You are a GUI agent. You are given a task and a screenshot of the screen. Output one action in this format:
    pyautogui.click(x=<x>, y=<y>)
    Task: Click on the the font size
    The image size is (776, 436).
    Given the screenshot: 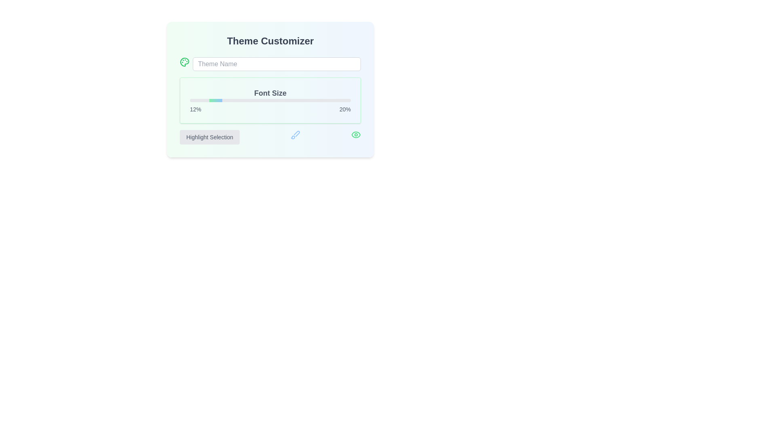 What is the action you would take?
    pyautogui.click(x=249, y=100)
    